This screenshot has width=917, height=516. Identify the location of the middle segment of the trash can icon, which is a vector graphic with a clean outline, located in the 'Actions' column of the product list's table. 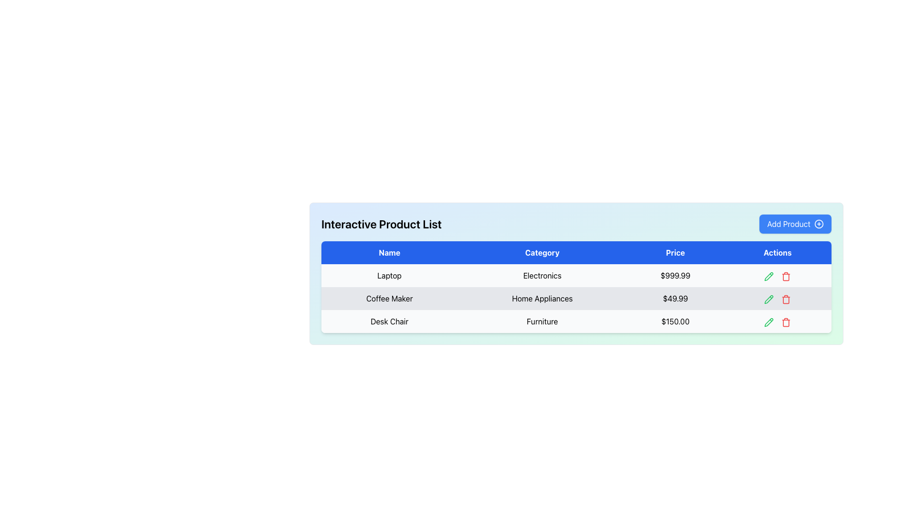
(786, 277).